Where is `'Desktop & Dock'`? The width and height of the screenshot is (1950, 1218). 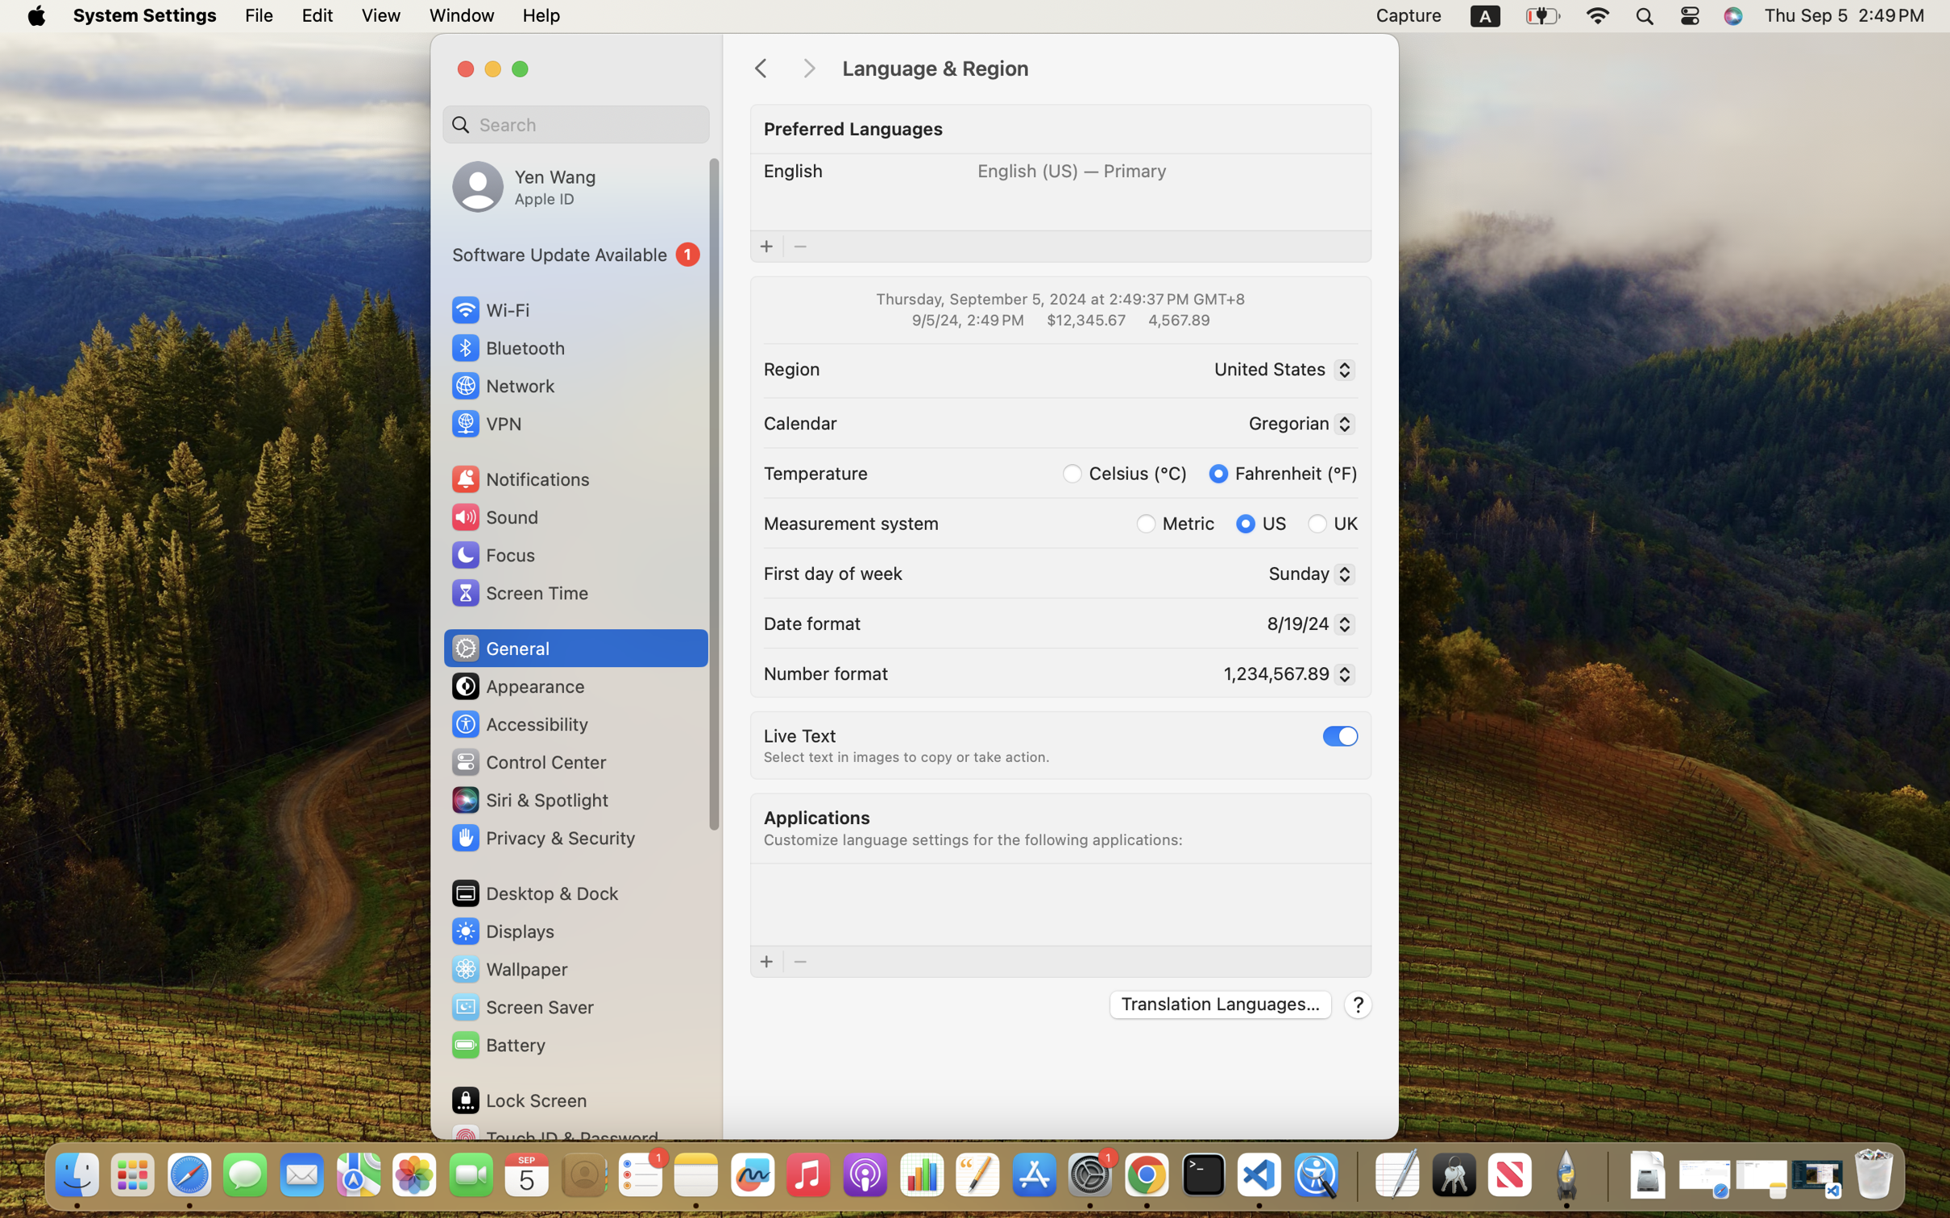 'Desktop & Dock' is located at coordinates (533, 893).